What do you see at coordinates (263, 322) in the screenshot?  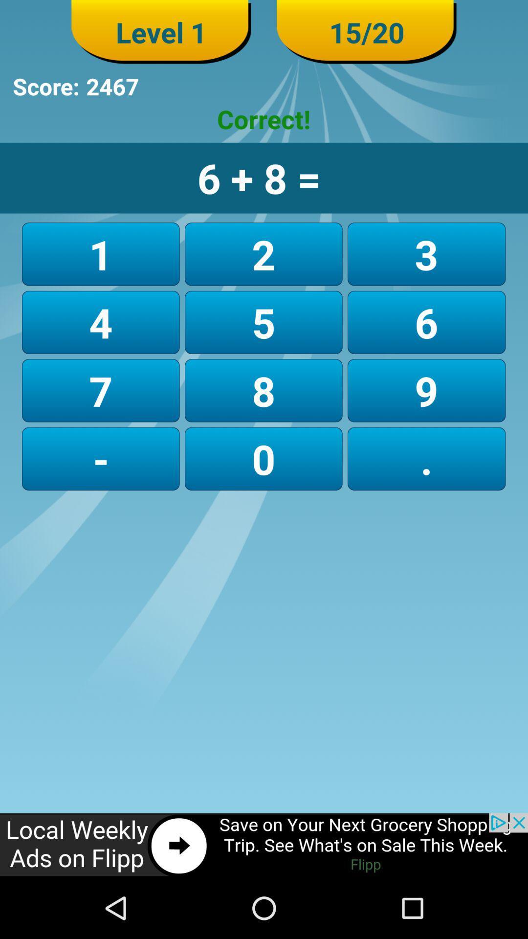 I see `icon below the 1 item` at bounding box center [263, 322].